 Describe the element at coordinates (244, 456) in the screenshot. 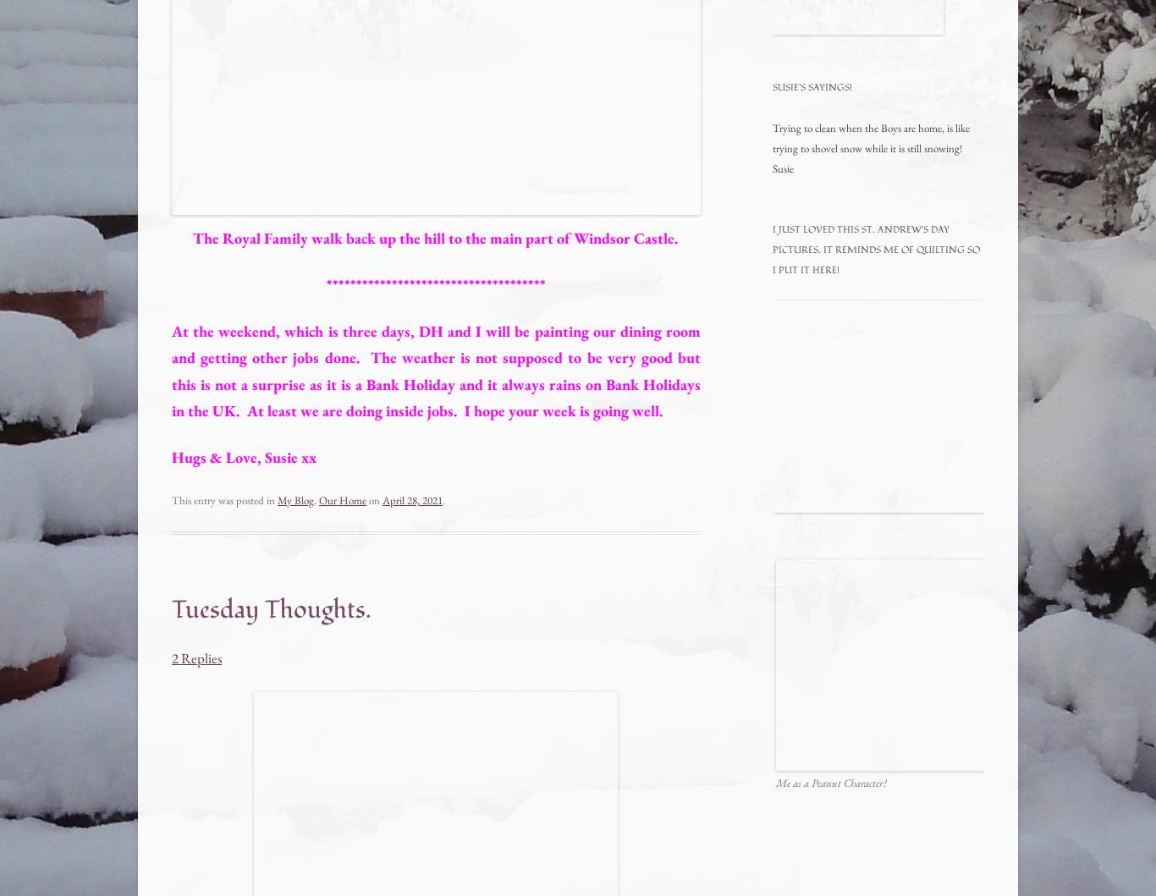

I see `'Hugs & Love, Susie xx'` at that location.